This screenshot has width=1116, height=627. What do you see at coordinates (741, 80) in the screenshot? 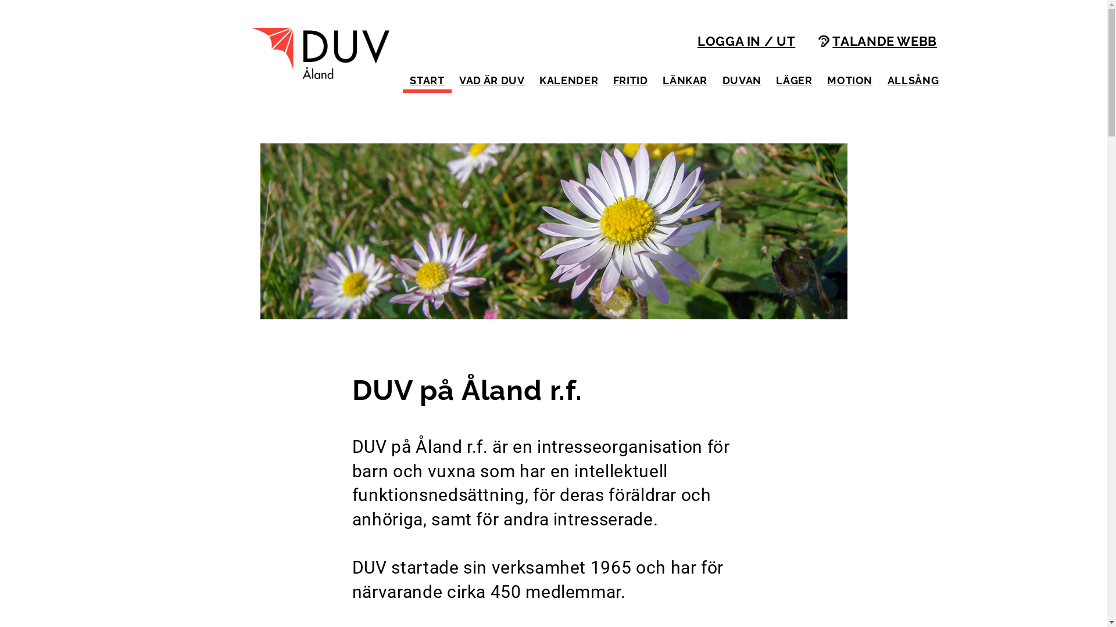
I see `'DUVAN'` at bounding box center [741, 80].